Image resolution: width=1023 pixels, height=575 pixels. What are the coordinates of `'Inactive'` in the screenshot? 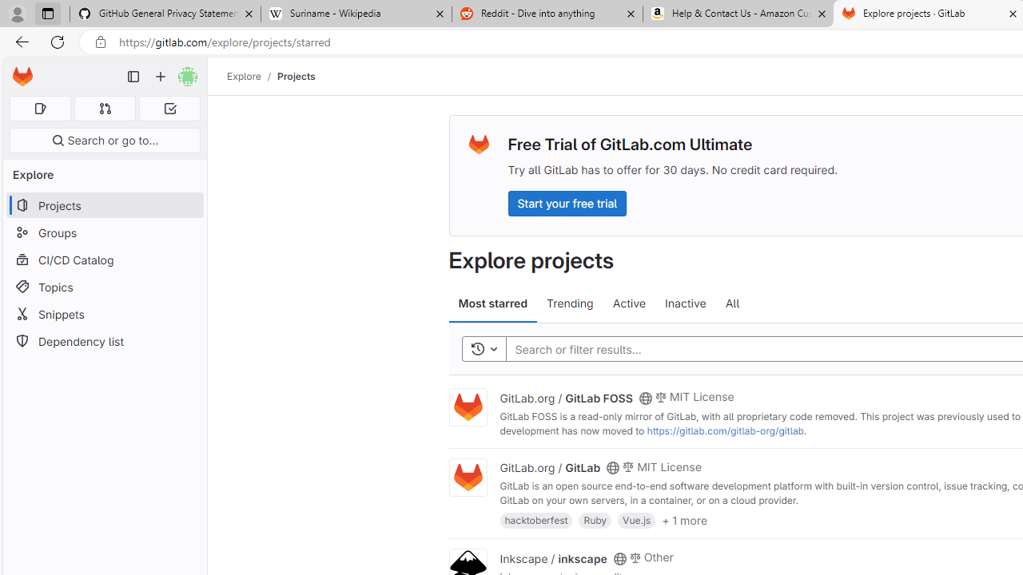 It's located at (686, 303).